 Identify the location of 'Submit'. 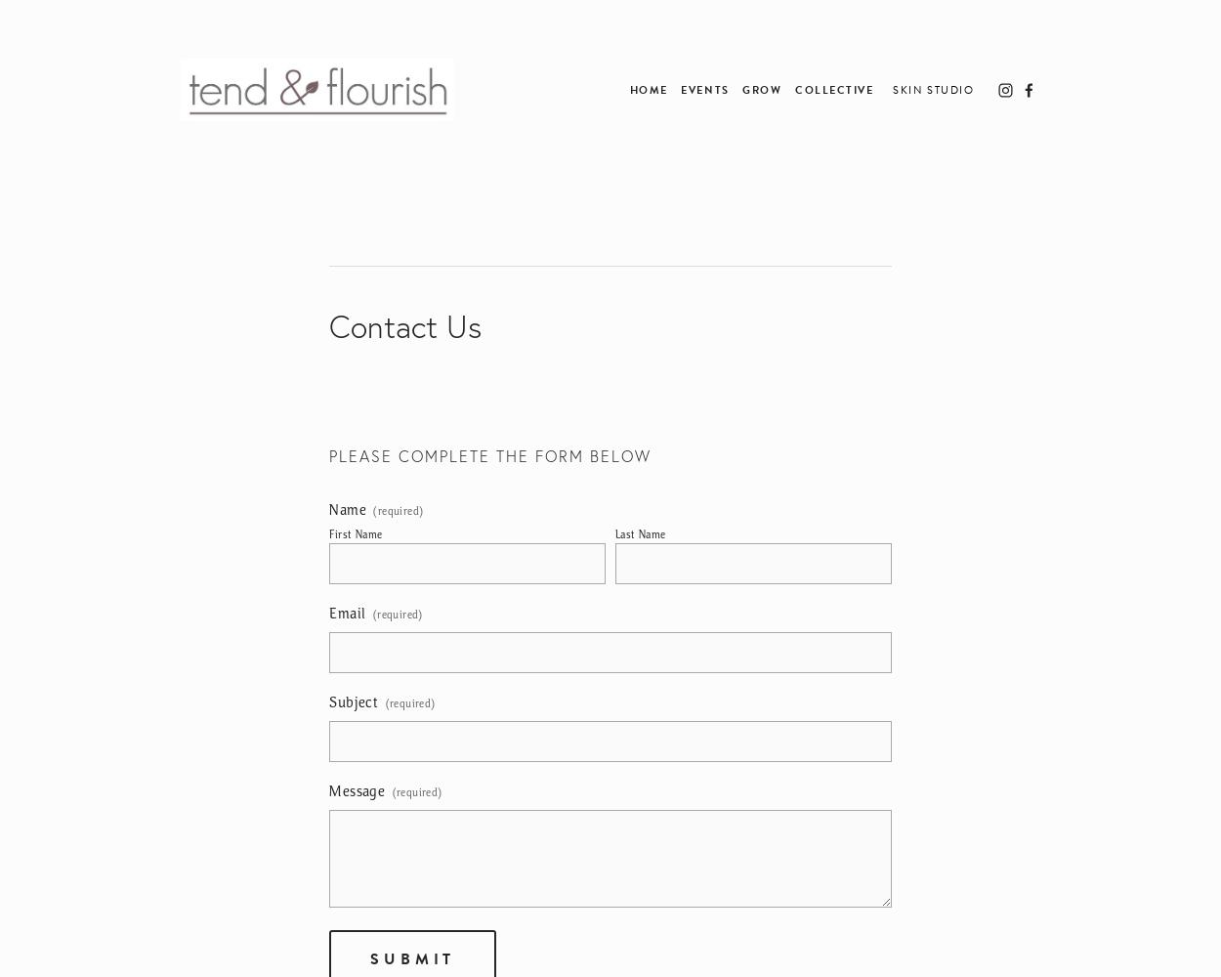
(412, 958).